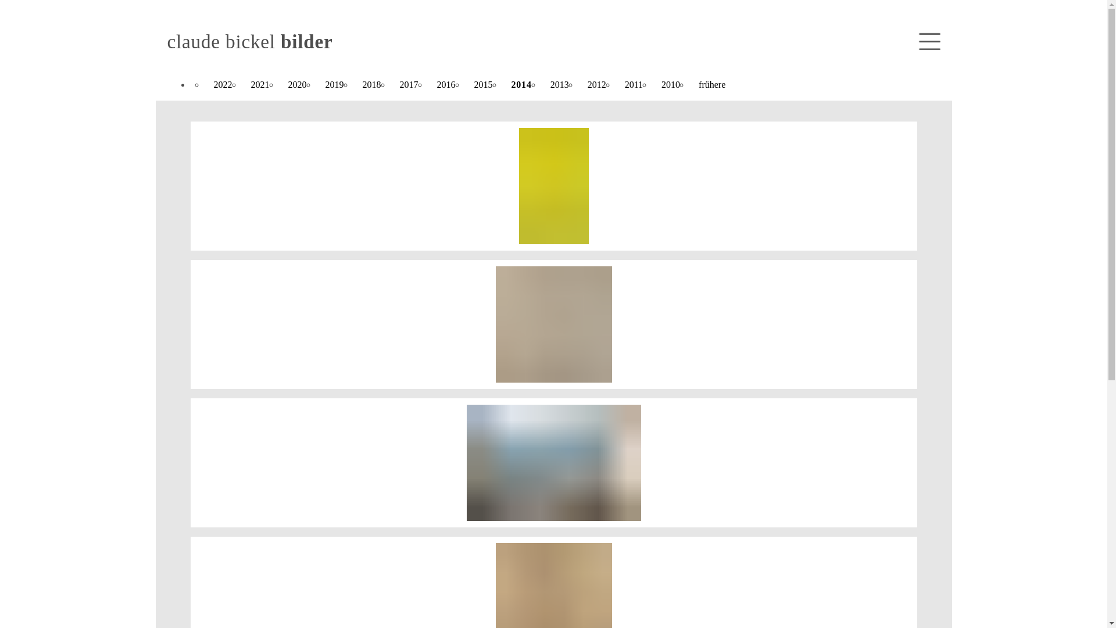  Describe the element at coordinates (633, 84) in the screenshot. I see `'2011'` at that location.